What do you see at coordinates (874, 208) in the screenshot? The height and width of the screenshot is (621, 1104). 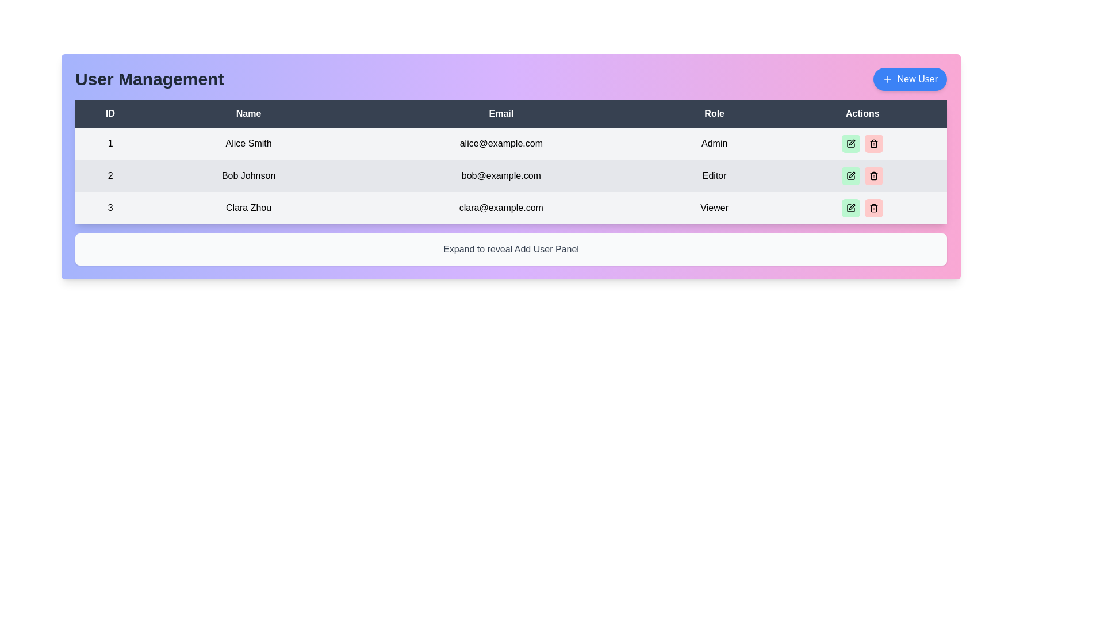 I see `the trash can icon within the red button in the 'Actions' column of the user management table` at bounding box center [874, 208].